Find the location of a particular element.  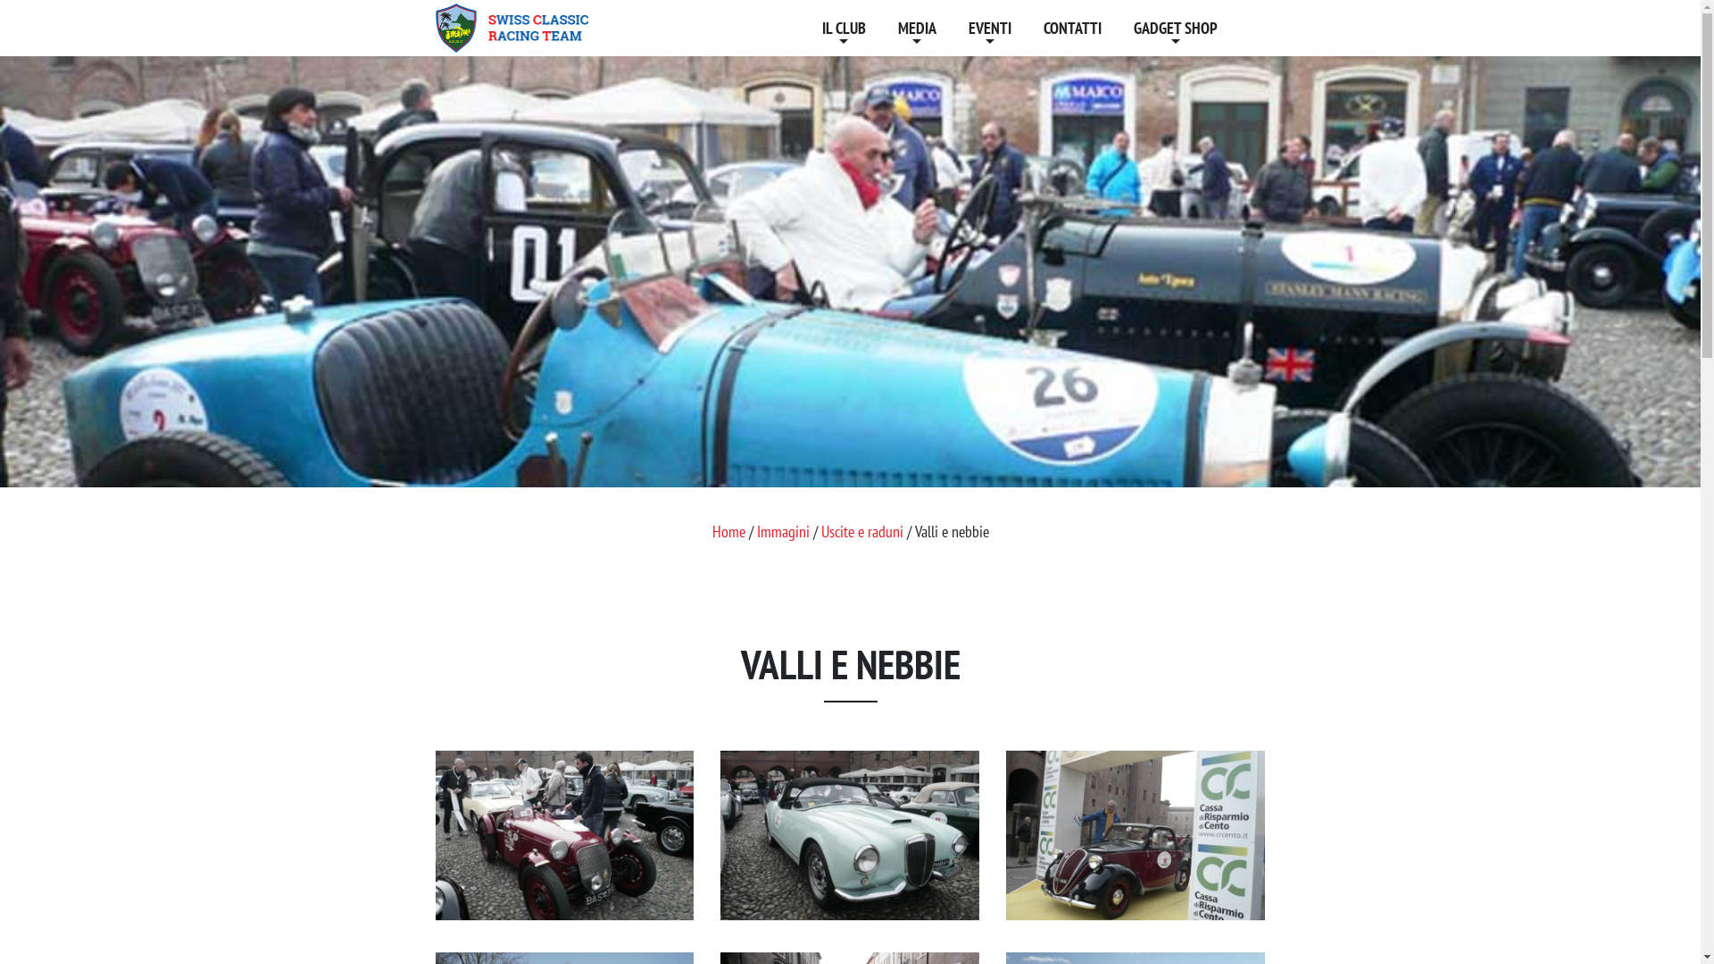

'Home' is located at coordinates (728, 530).